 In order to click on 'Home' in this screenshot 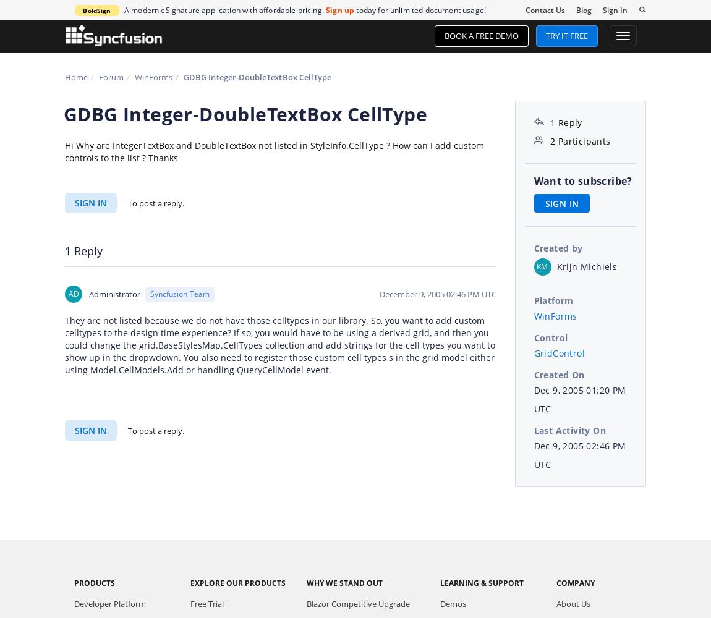, I will do `click(75, 77)`.